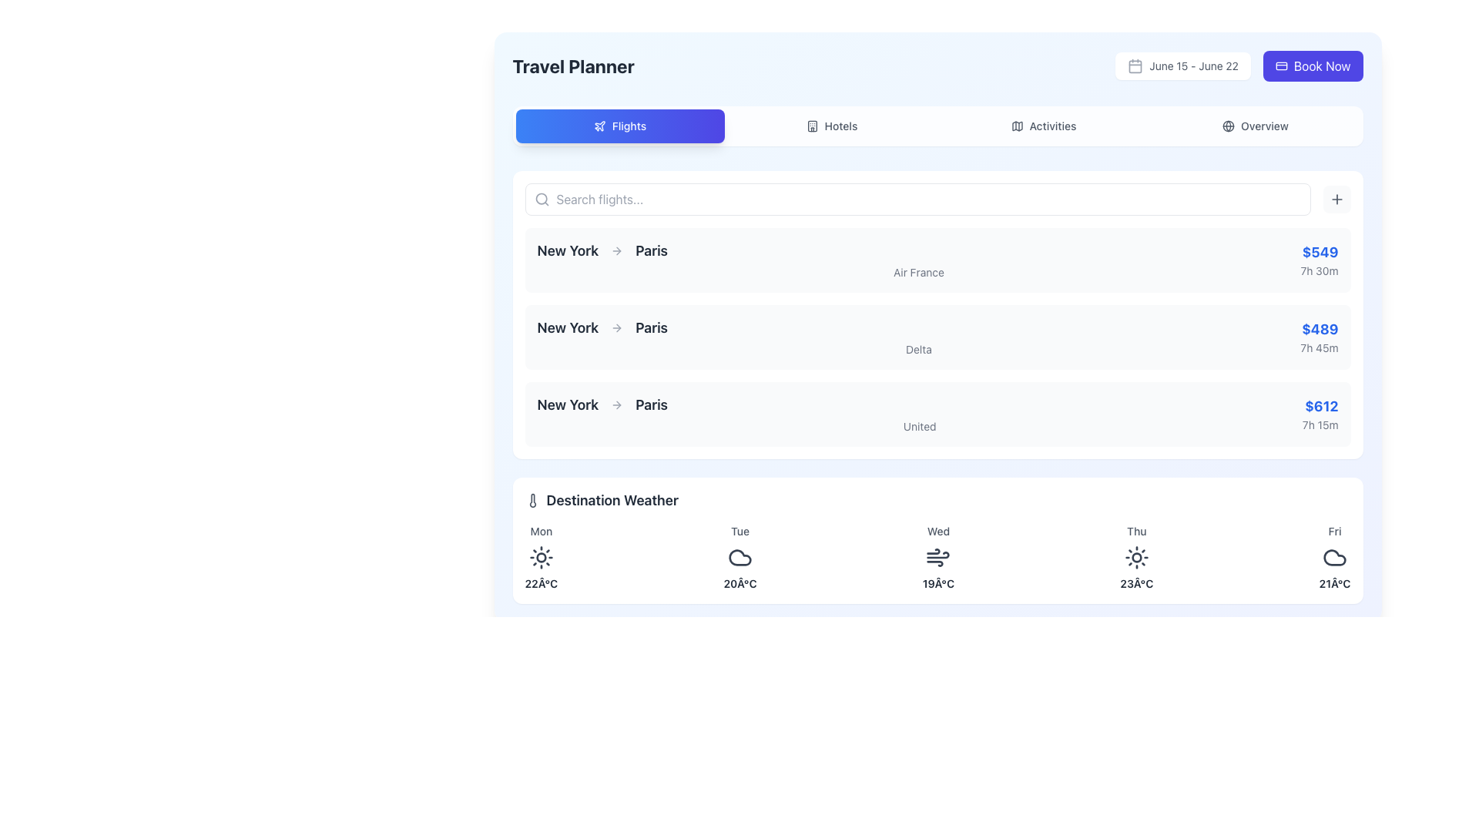  I want to click on the navigation button labeled 'Hotels' located in the header navigation bar, so click(811, 126).